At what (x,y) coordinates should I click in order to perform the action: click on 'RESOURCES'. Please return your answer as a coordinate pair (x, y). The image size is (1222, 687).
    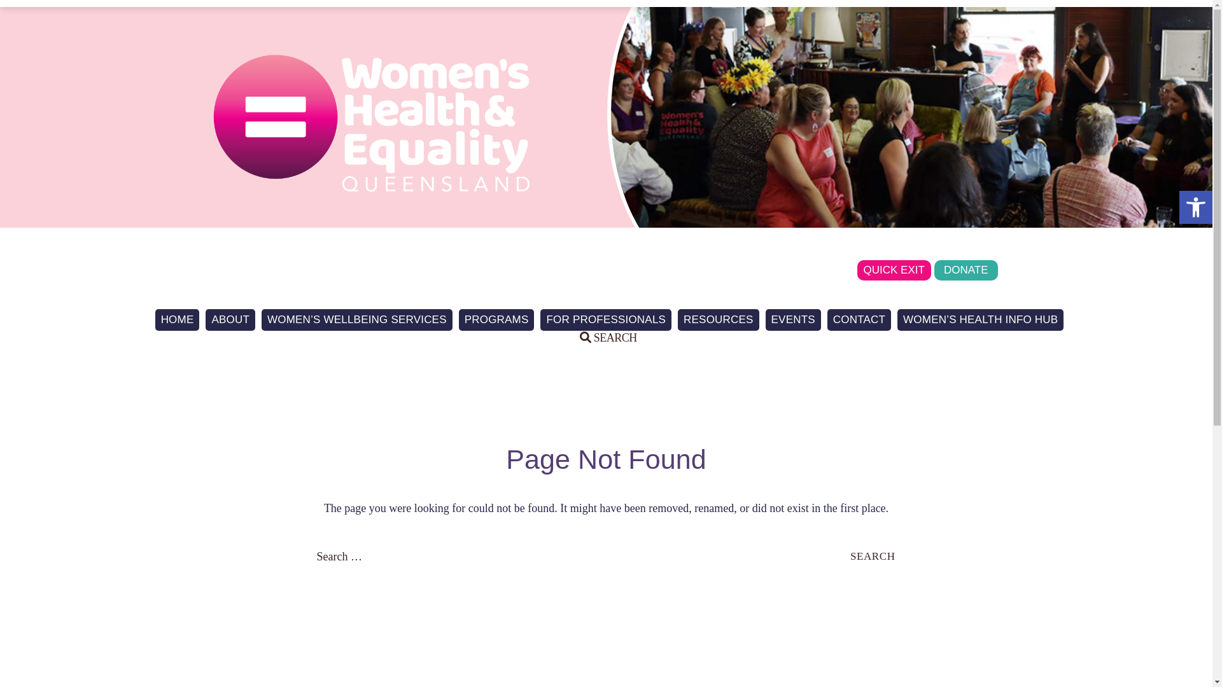
    Looking at the image, I should click on (718, 319).